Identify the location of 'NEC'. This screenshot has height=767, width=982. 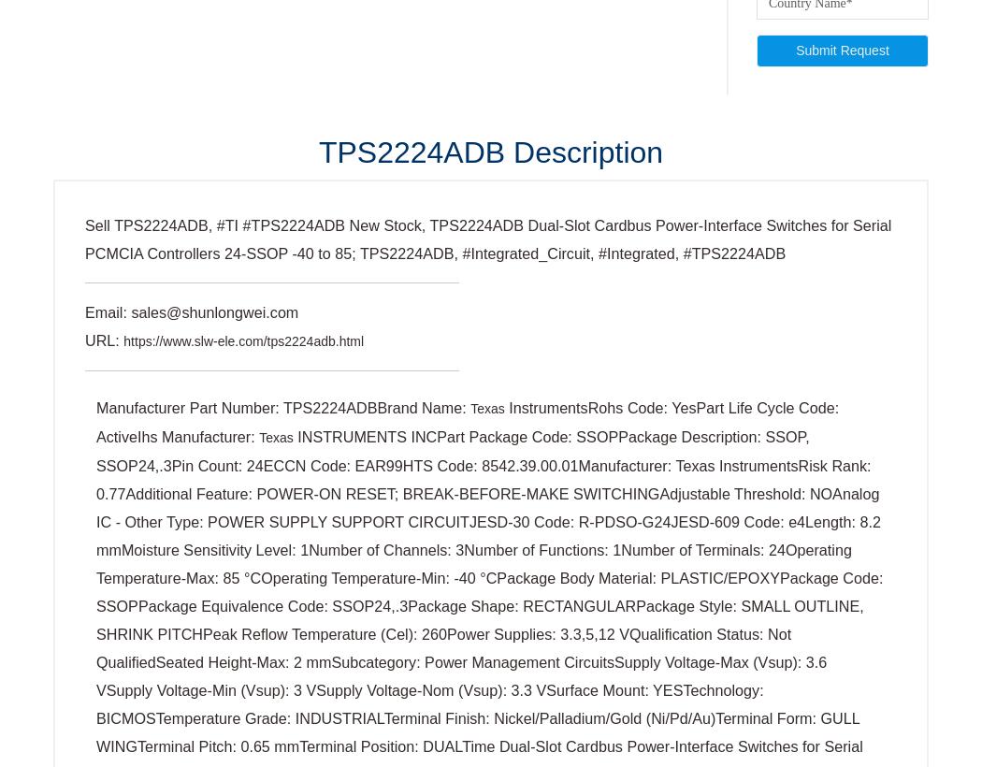
(95, 551).